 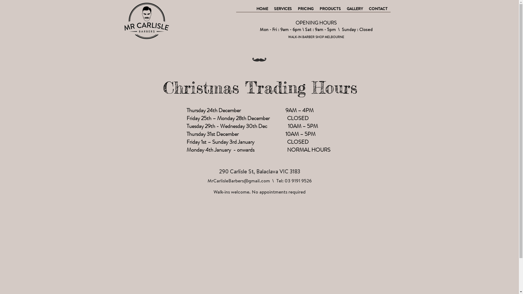 What do you see at coordinates (282, 10) in the screenshot?
I see `'SERVICES'` at bounding box center [282, 10].